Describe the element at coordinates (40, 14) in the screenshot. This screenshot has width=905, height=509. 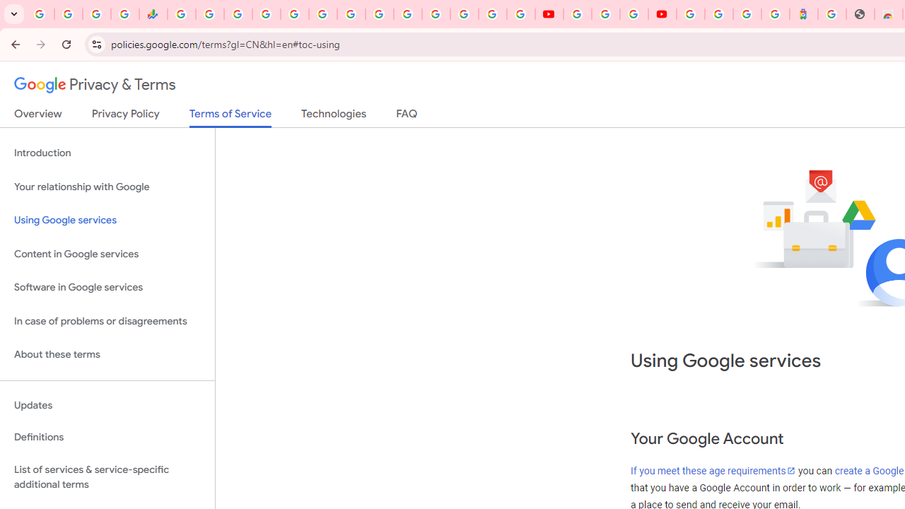
I see `'Google Workspace Admin Community'` at that location.